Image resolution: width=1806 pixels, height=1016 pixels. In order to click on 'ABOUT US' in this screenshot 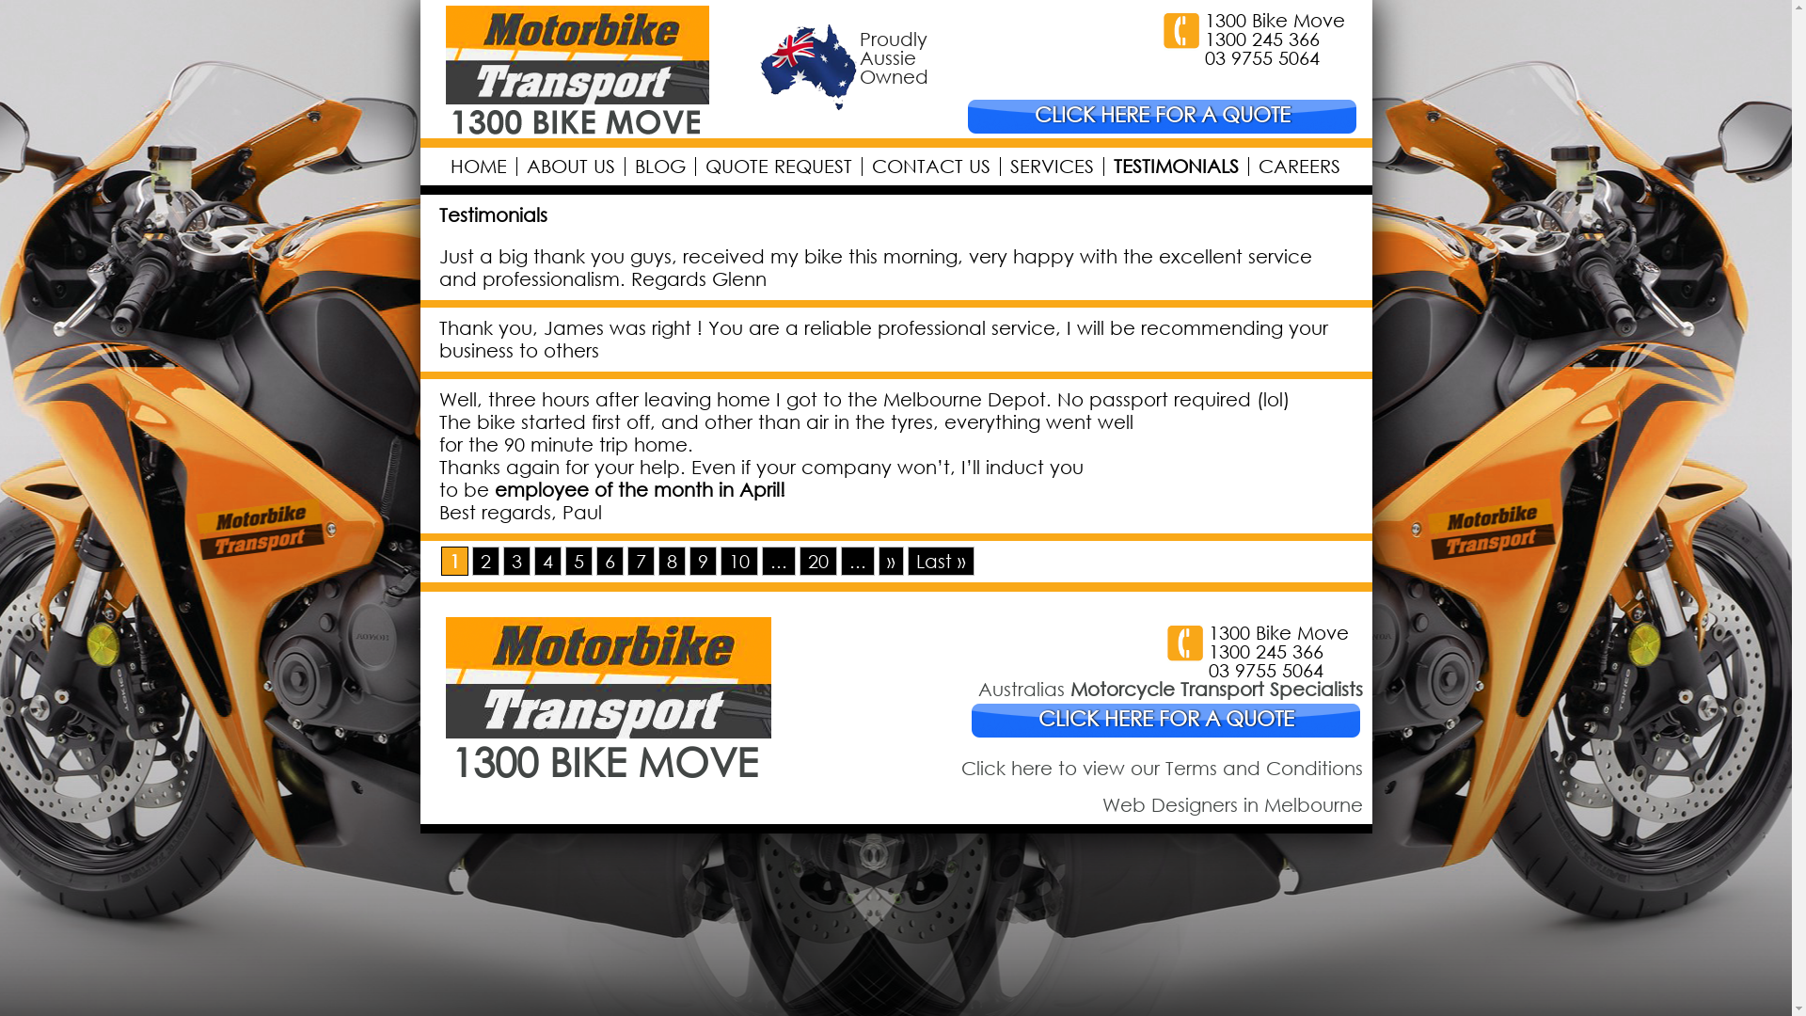, I will do `click(568, 166)`.